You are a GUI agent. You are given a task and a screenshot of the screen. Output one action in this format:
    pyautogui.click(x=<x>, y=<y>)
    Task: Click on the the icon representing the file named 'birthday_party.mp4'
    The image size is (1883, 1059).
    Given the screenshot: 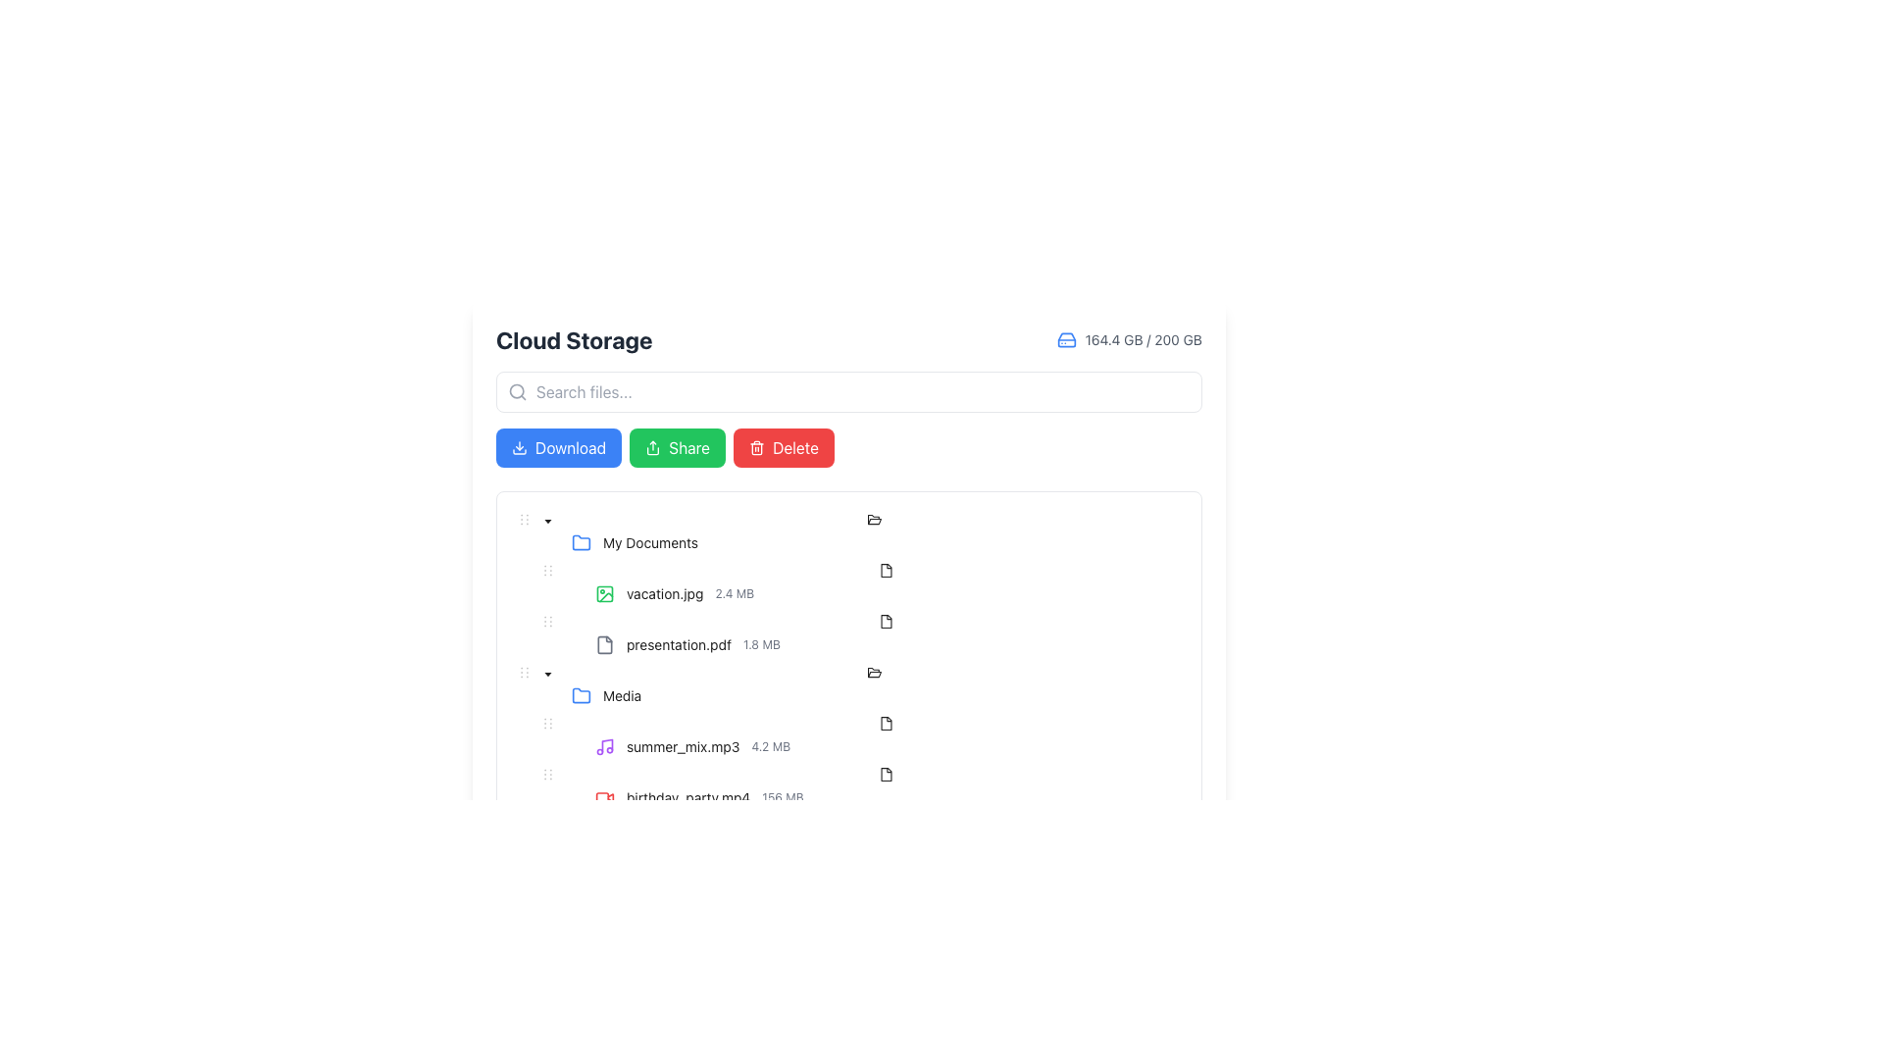 What is the action you would take?
    pyautogui.click(x=885, y=774)
    